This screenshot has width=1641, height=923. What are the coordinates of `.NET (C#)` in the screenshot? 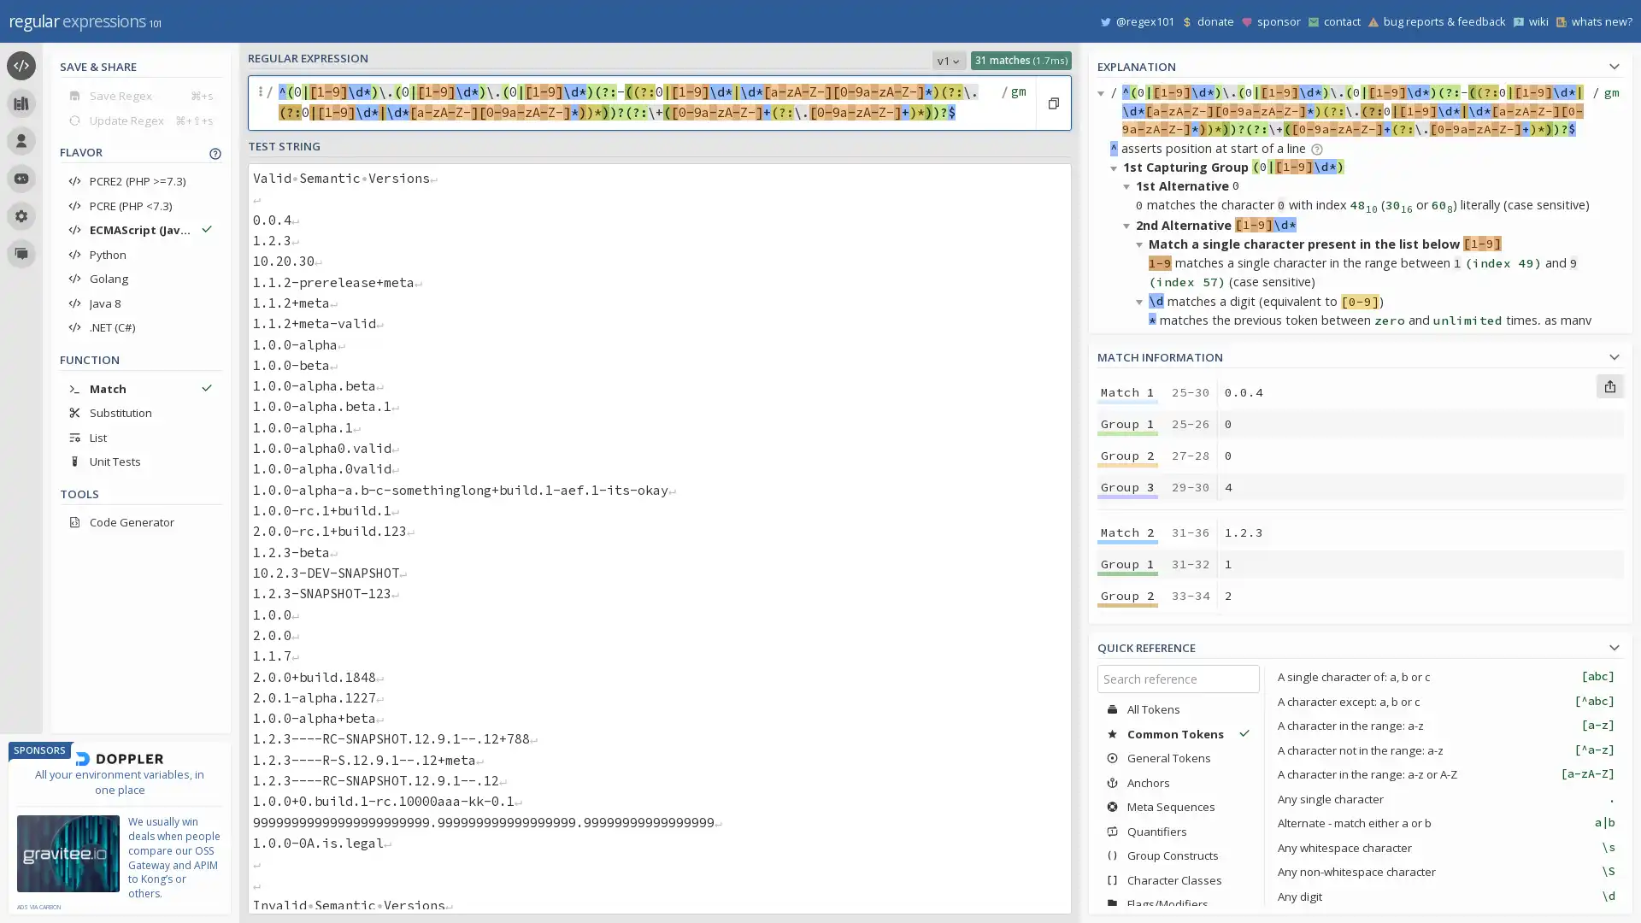 It's located at (140, 326).